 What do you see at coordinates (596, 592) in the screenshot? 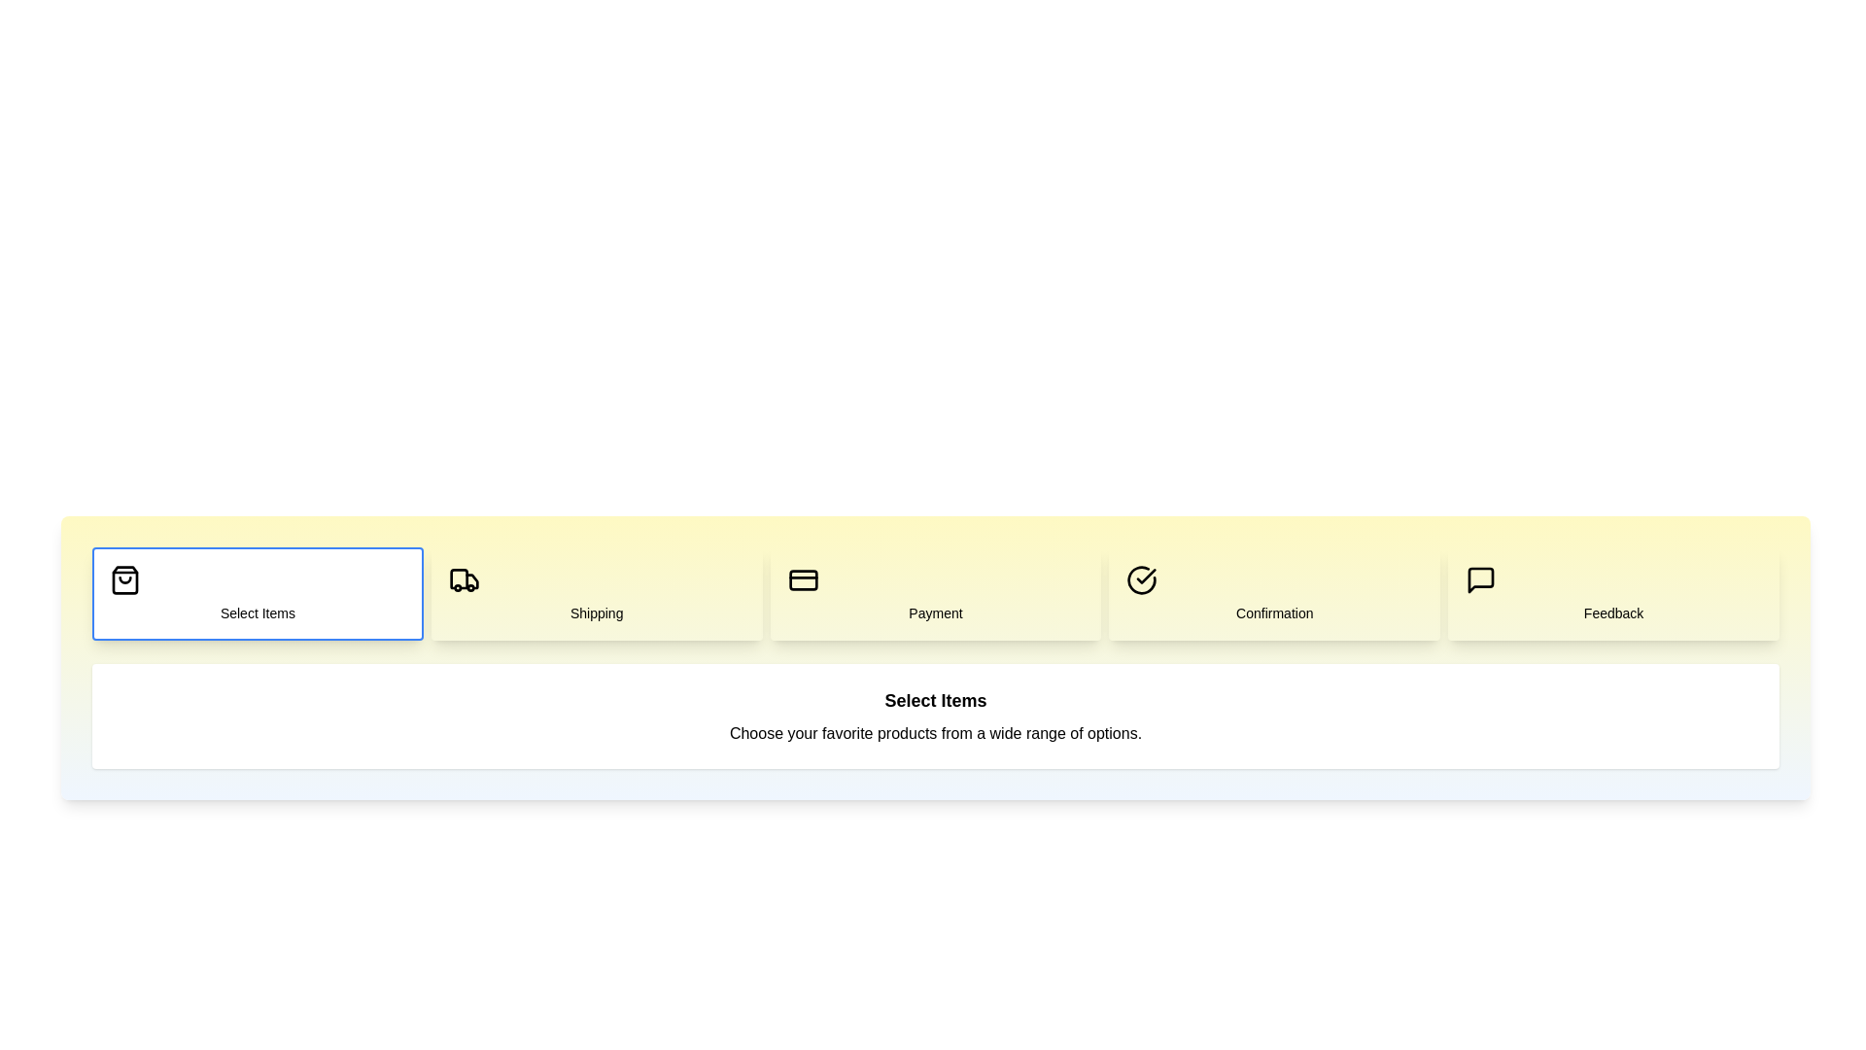
I see `the tab corresponding to the Shipping phase in the purchase process` at bounding box center [596, 592].